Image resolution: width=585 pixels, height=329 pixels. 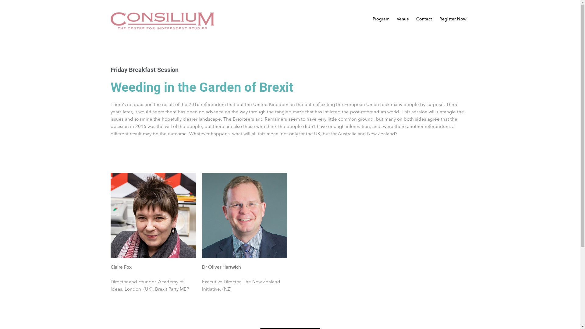 What do you see at coordinates (453, 19) in the screenshot?
I see `'Register Now'` at bounding box center [453, 19].